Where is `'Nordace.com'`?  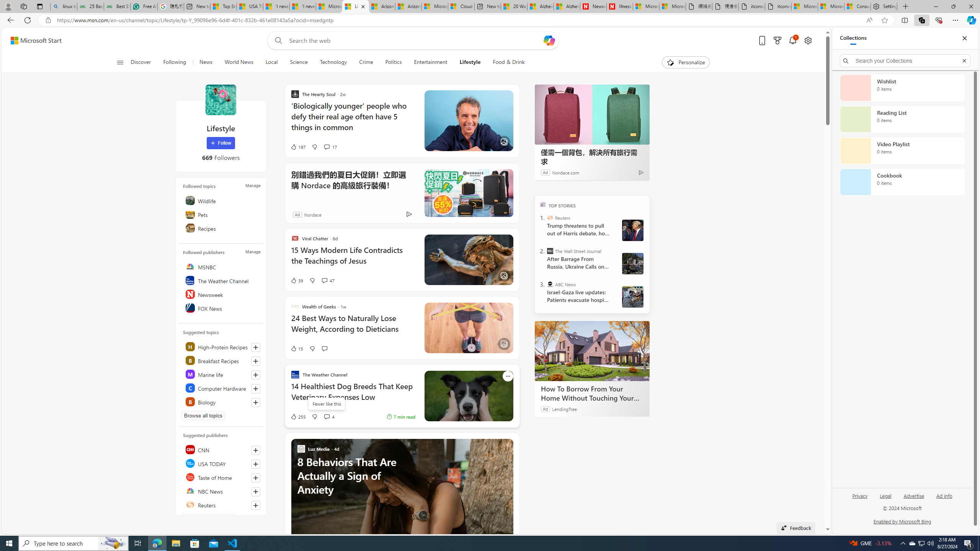 'Nordace.com' is located at coordinates (565, 172).